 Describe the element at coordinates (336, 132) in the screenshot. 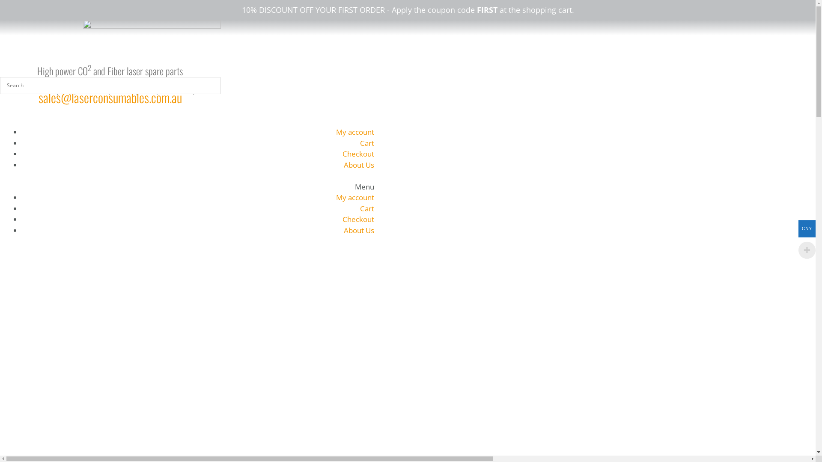

I see `'My account'` at that location.